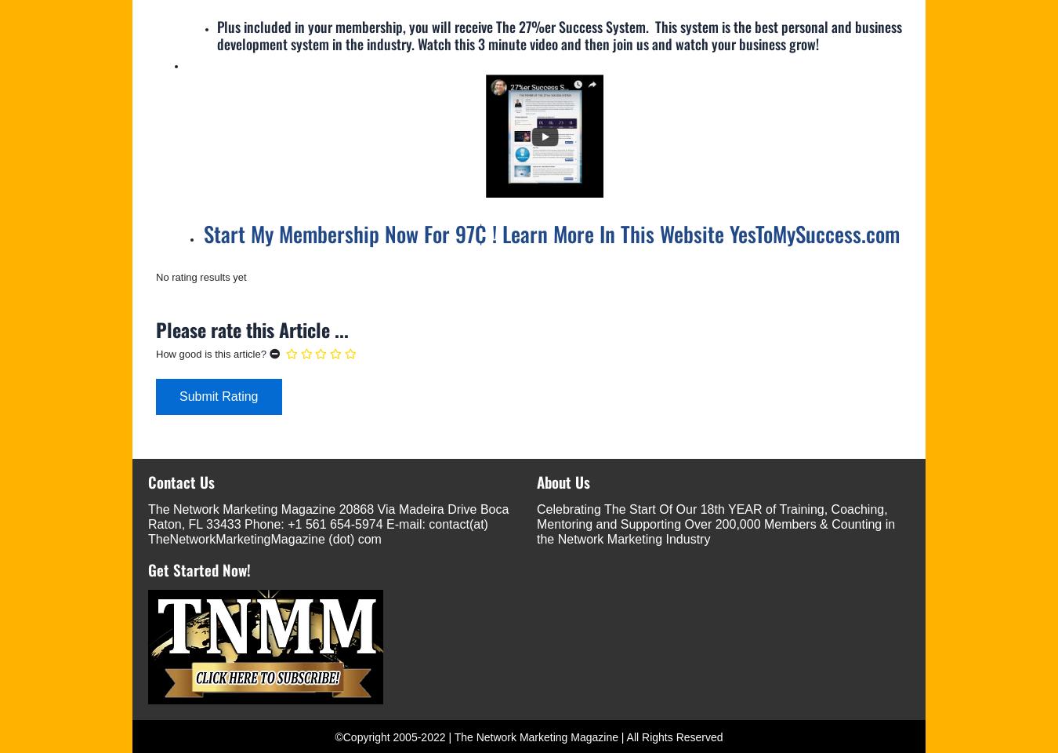  I want to click on '©Copyright 2005-2022 | The Network Marketing Magazine | All Rights Reserved', so click(528, 737).